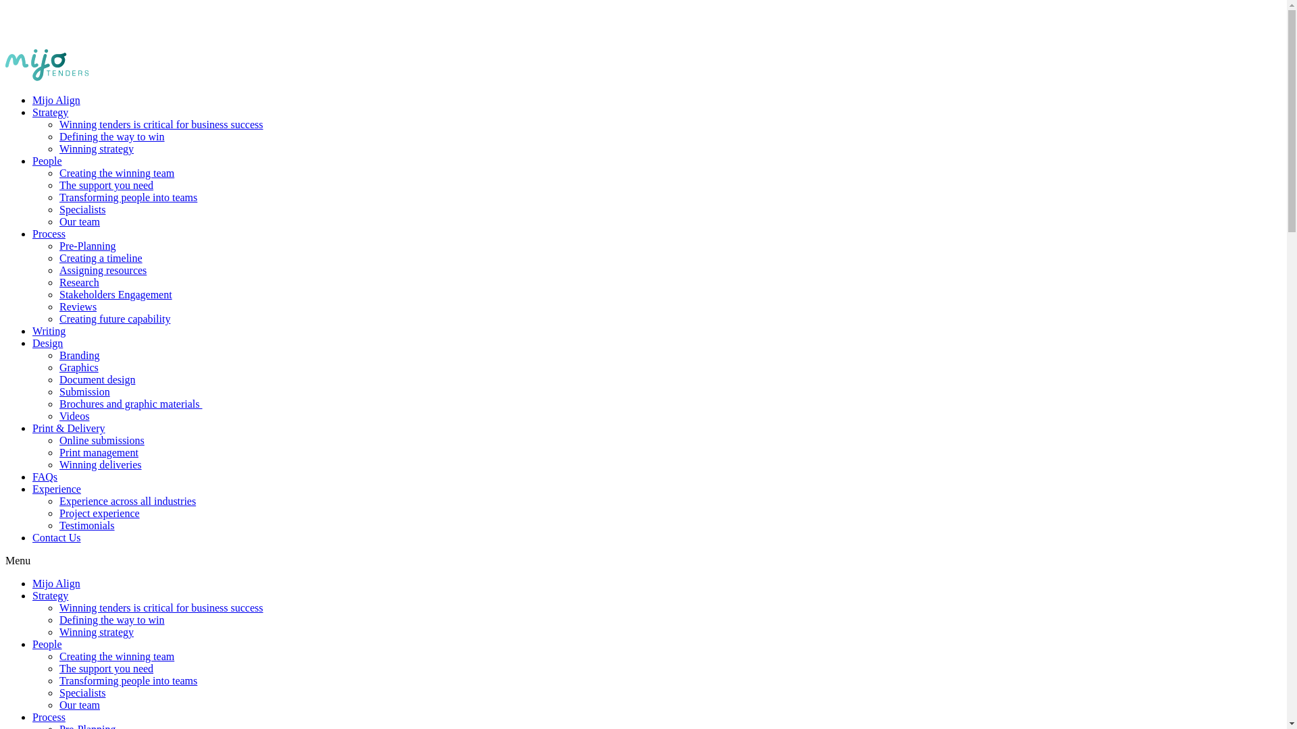 Image resolution: width=1297 pixels, height=729 pixels. What do you see at coordinates (86, 524) in the screenshot?
I see `'Testimonials'` at bounding box center [86, 524].